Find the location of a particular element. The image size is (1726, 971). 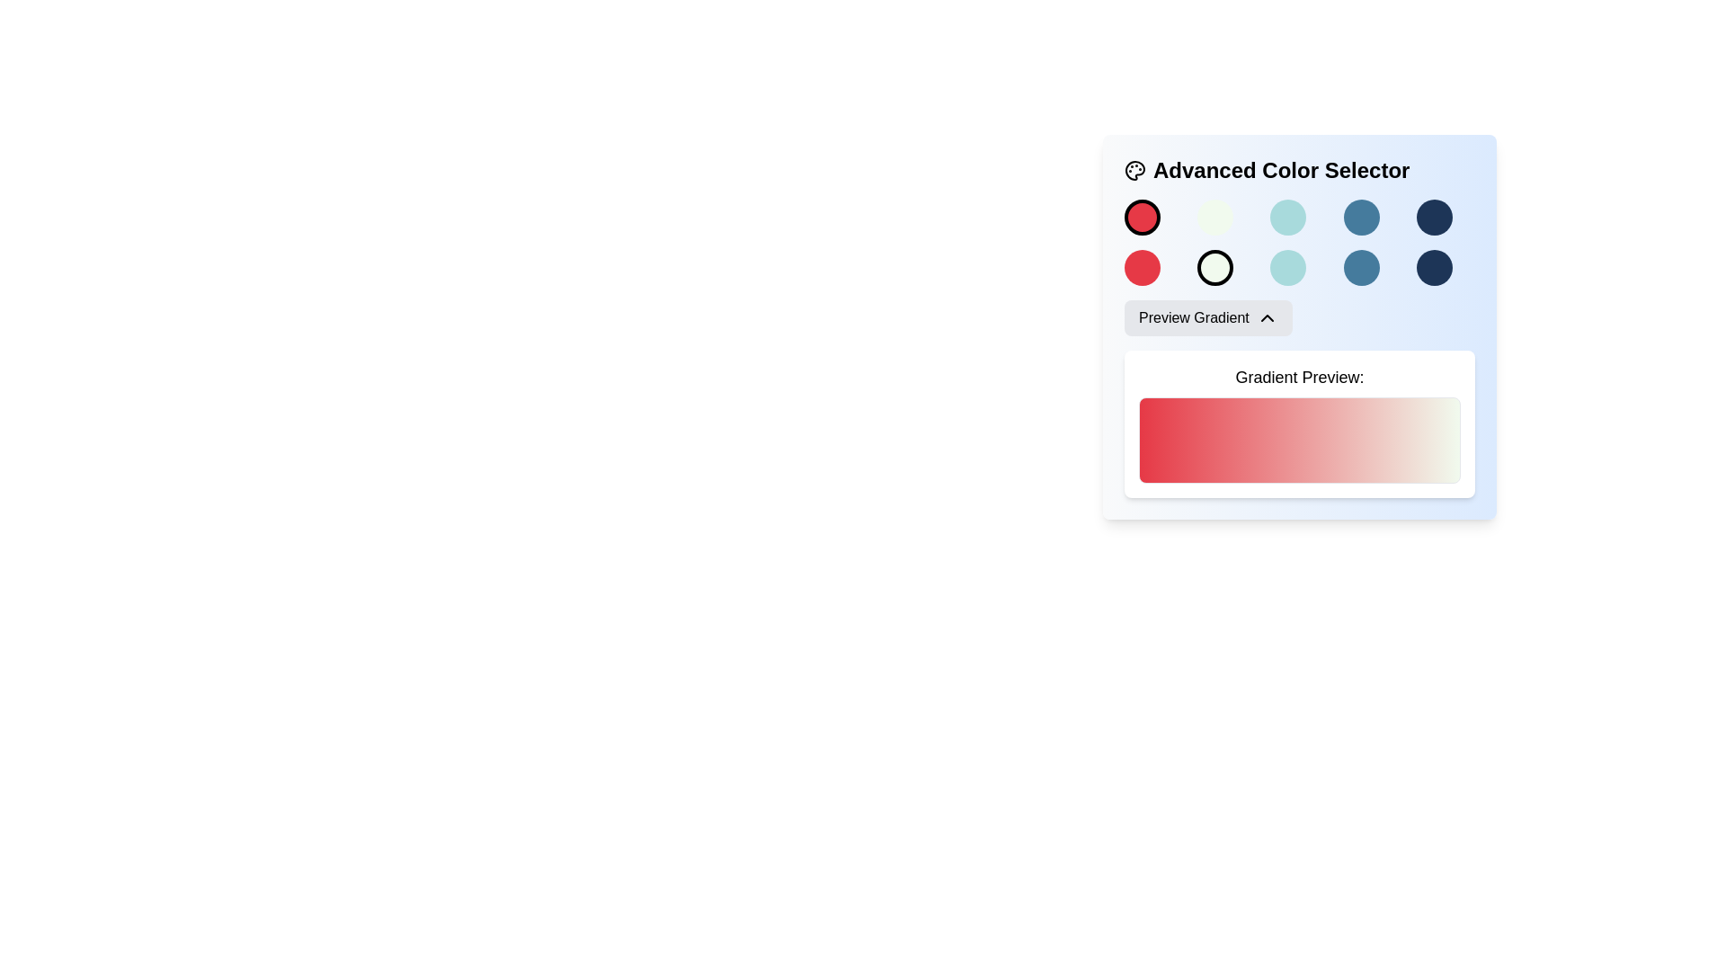

the Circular color selection button, which is the first element in the grid layout of the Advanced Color Selector panel is located at coordinates (1142, 267).